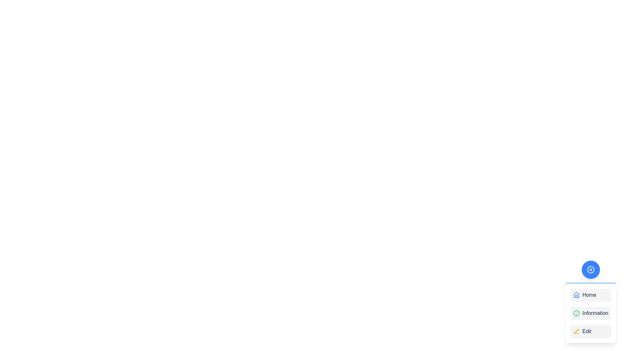 This screenshot has width=624, height=351. Describe the element at coordinates (522, 215) in the screenshot. I see `the 'Edit' option in the menu element with a white background and blue border` at that location.